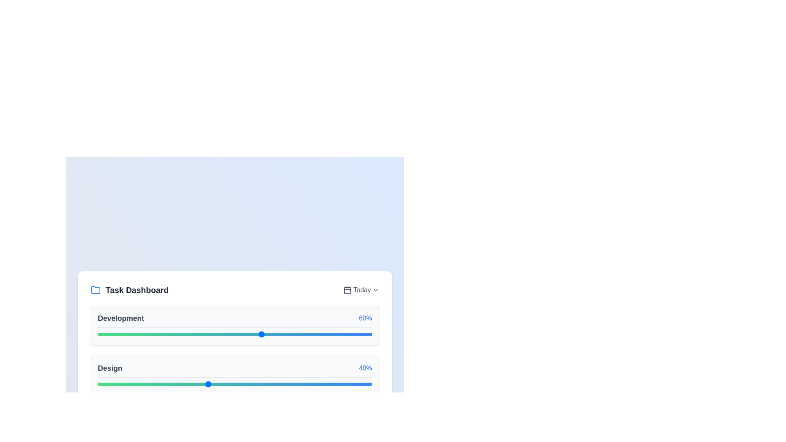 This screenshot has width=786, height=442. Describe the element at coordinates (279, 433) in the screenshot. I see `the slider value` at that location.